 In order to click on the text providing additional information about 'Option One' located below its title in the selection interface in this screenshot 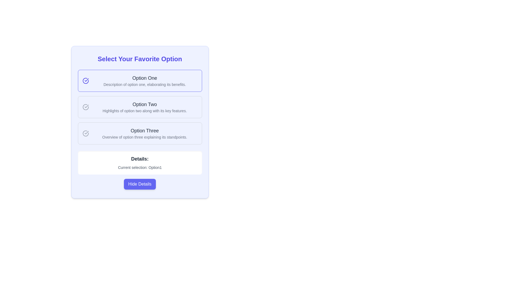, I will do `click(145, 85)`.